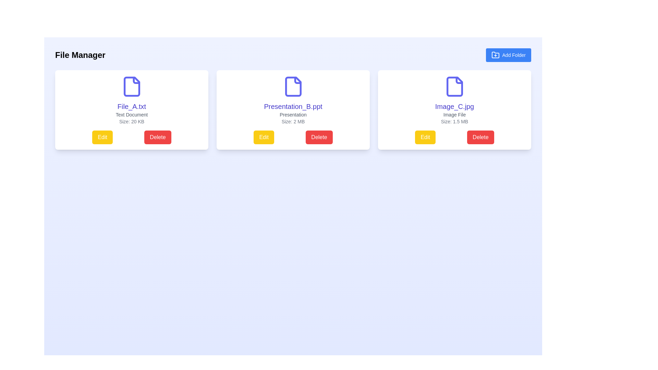  Describe the element at coordinates (293, 121) in the screenshot. I see `the Text label that displays the file size, located in the second file card, positioned between the 'Presentation' text above and the 'Edit' and 'Delete' buttons below` at that location.